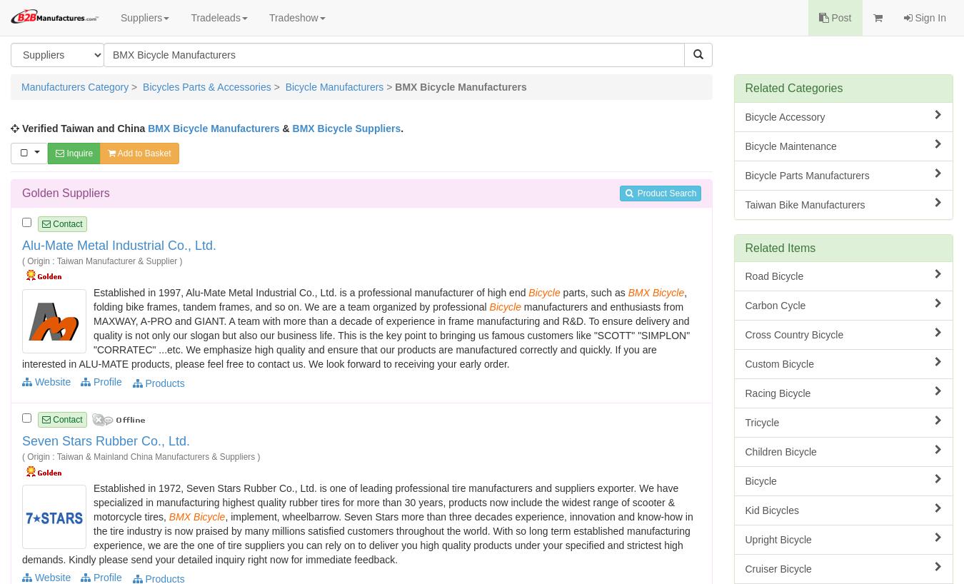 This screenshot has height=584, width=964. Describe the element at coordinates (389, 298) in the screenshot. I see `', folding bike frames, tandem frames, and so on. We are a team organized by professional'` at that location.